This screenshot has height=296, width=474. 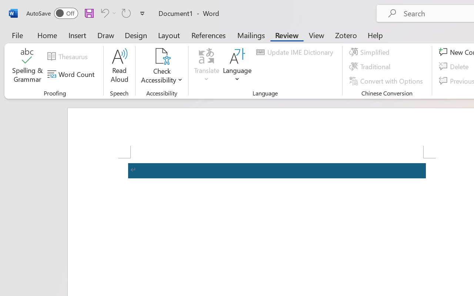 I want to click on 'Language', so click(x=237, y=66).